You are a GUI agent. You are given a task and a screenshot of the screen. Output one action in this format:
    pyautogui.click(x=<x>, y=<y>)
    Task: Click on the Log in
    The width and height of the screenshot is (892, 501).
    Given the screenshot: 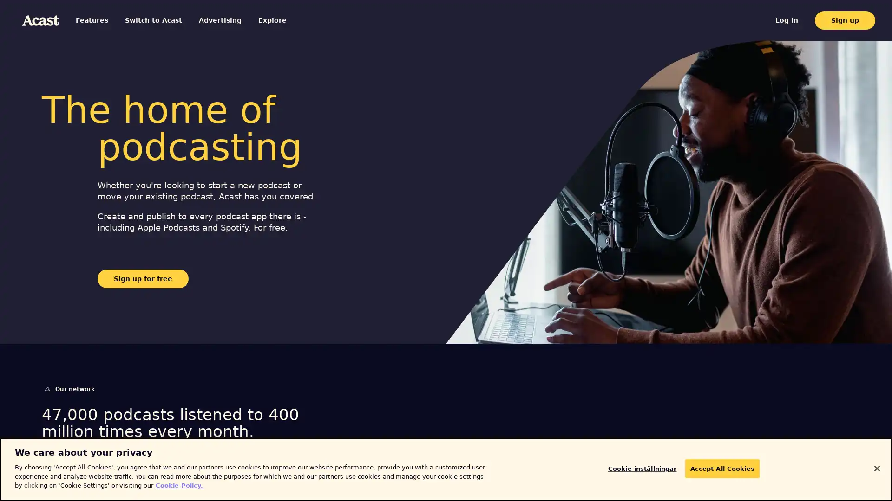 What is the action you would take?
    pyautogui.click(x=798, y=20)
    